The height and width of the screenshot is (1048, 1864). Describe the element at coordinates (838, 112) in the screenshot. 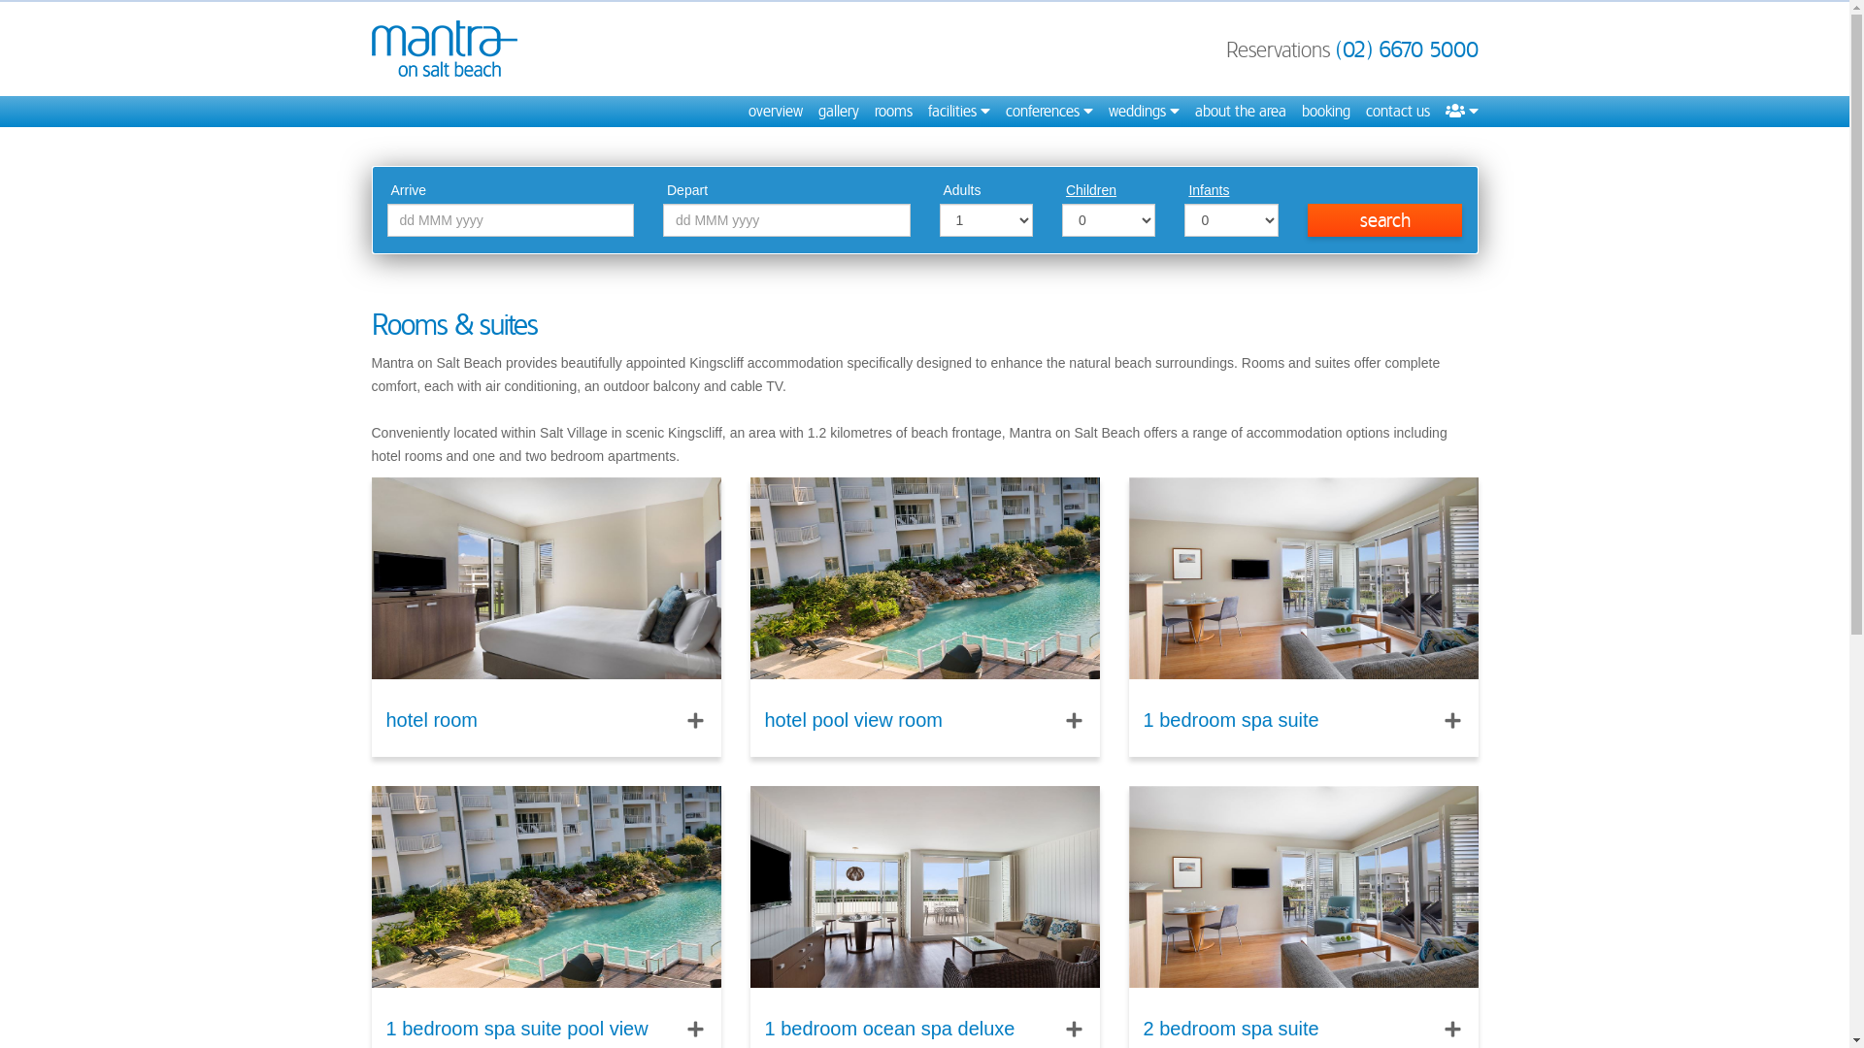

I see `'gallery'` at that location.